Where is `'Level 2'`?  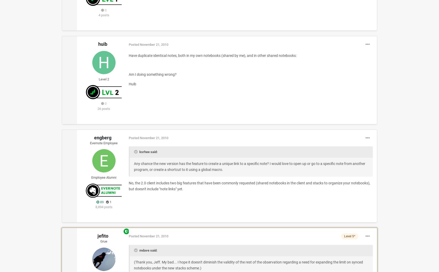 'Level 2' is located at coordinates (104, 79).